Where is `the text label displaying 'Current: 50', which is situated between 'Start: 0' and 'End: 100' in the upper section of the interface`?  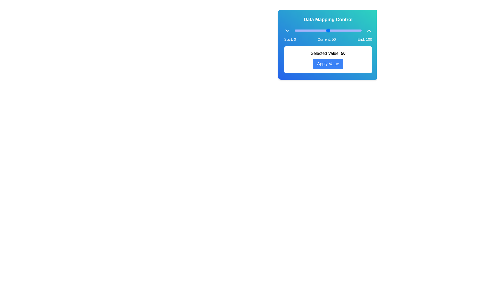 the text label displaying 'Current: 50', which is situated between 'Start: 0' and 'End: 100' in the upper section of the interface is located at coordinates (326, 39).